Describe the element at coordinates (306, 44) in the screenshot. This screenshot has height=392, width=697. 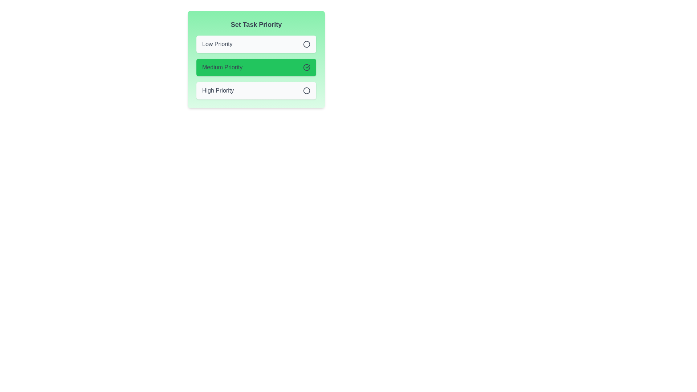
I see `the 'Low Priority' icon located at the far right of the 'Low Priority' button in the 'Set Task Priority' list` at that location.